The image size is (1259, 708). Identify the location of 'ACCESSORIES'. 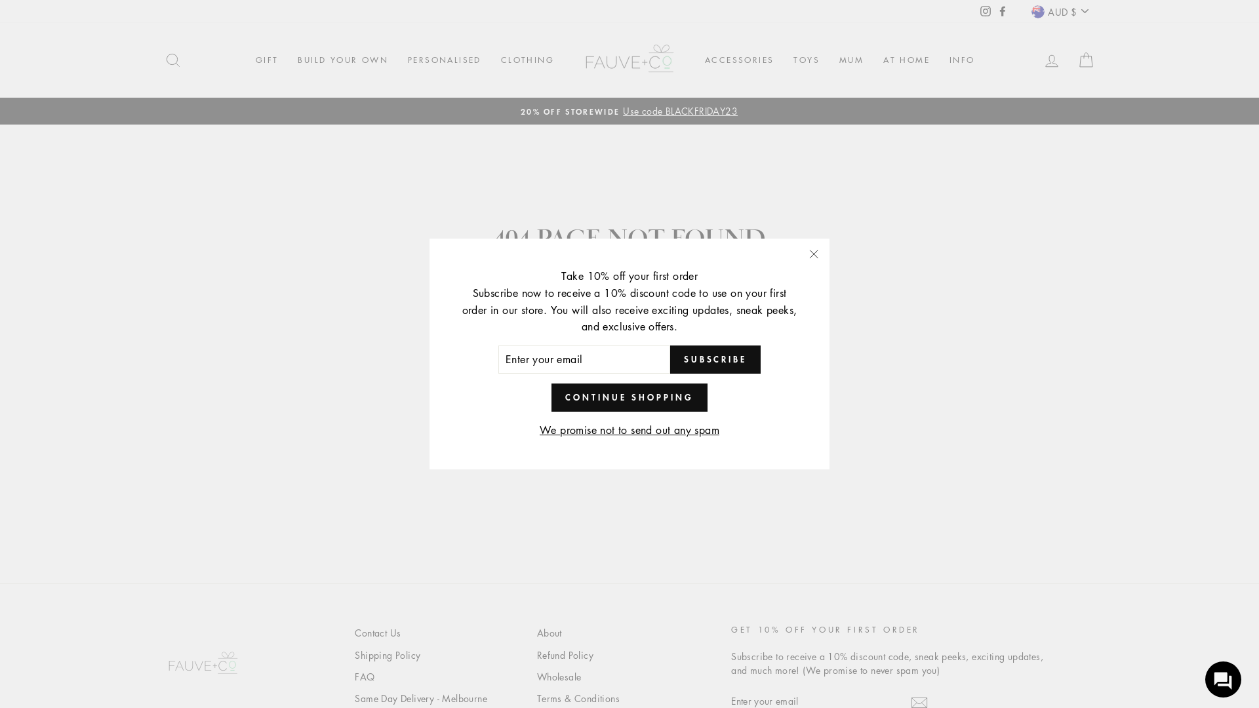
(694, 60).